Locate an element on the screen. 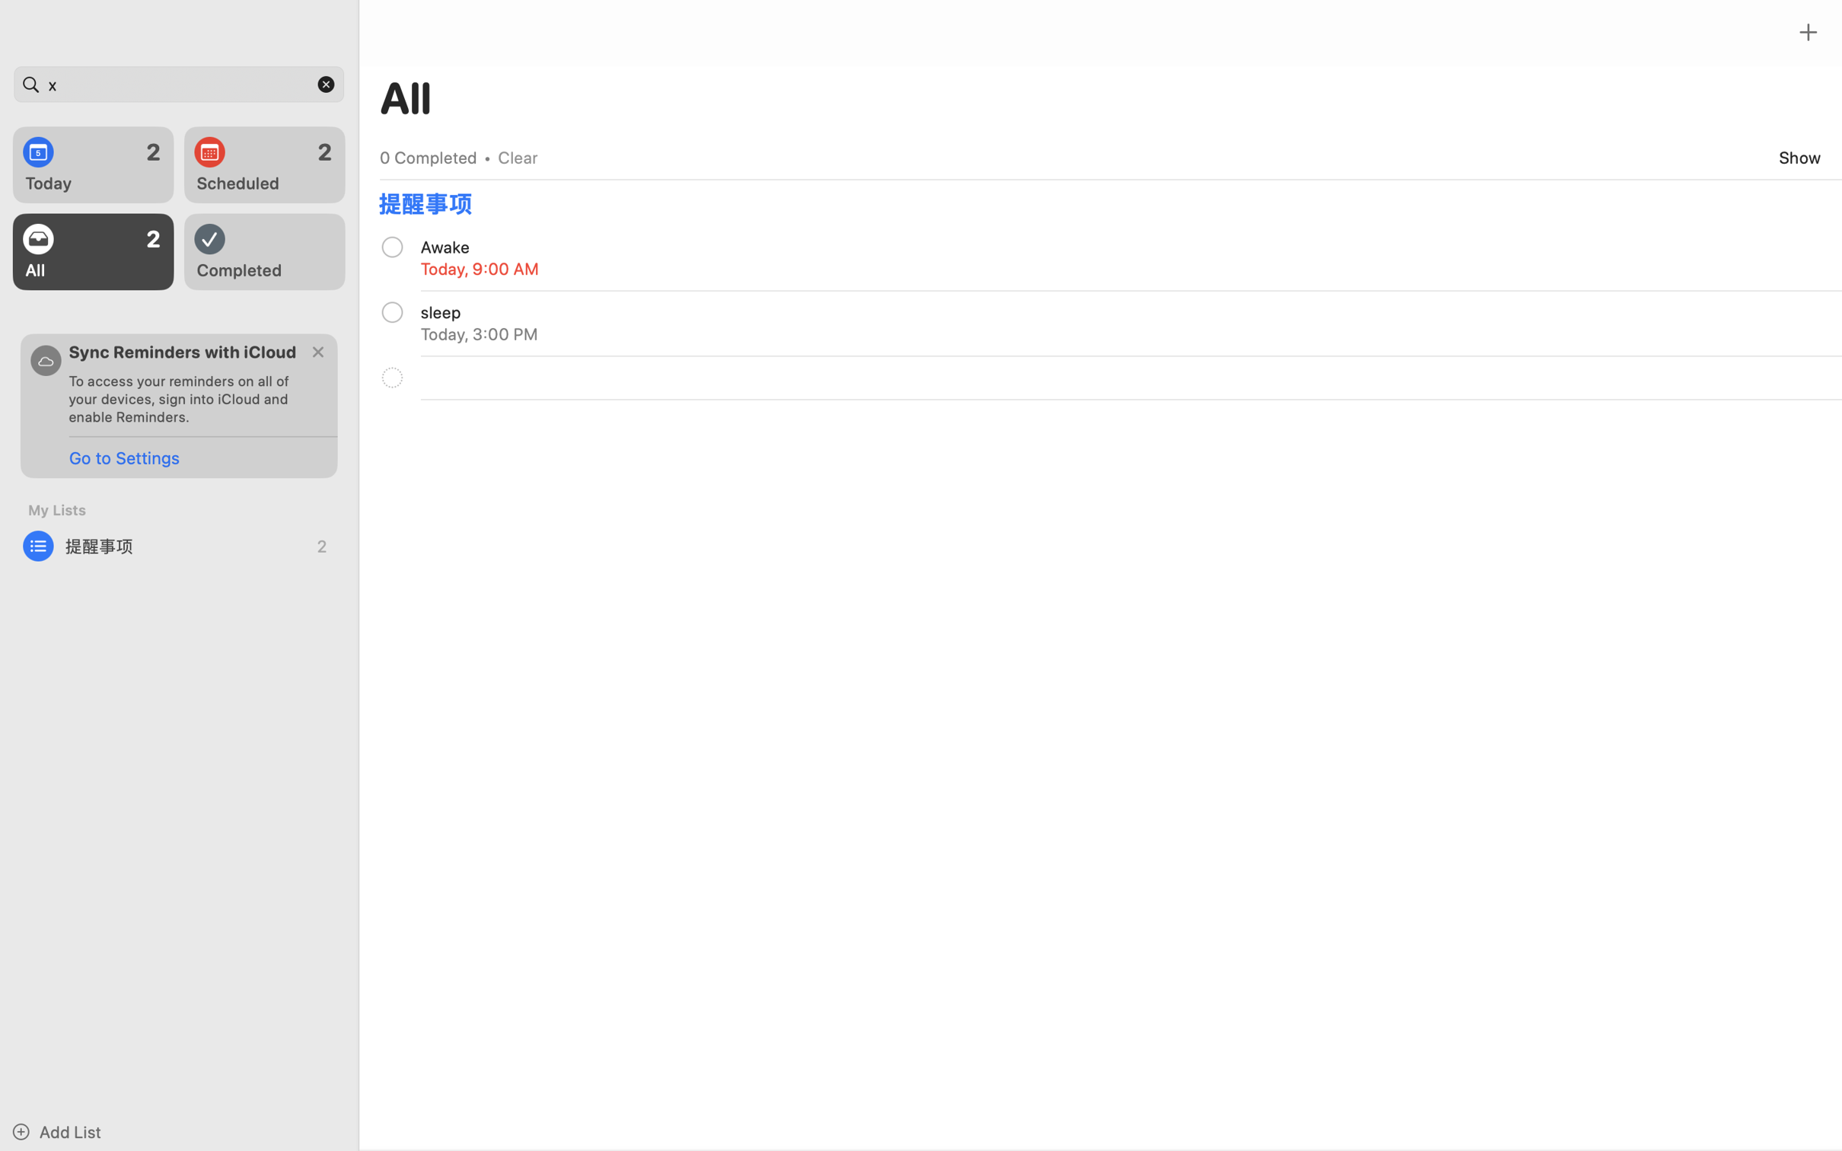 The image size is (1842, 1151). '0 Completed' is located at coordinates (427, 157).